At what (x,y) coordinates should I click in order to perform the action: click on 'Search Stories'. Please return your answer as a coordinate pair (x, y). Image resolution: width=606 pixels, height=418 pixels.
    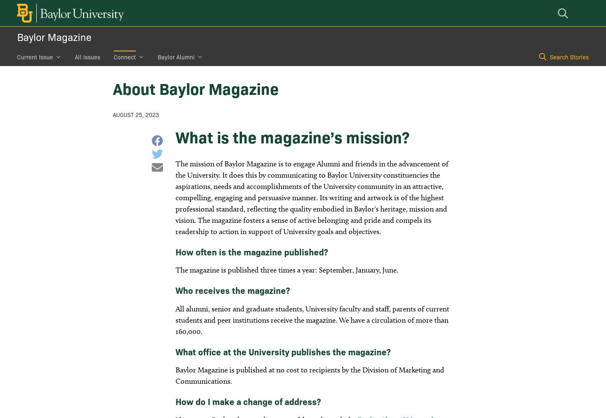
    Looking at the image, I should click on (569, 57).